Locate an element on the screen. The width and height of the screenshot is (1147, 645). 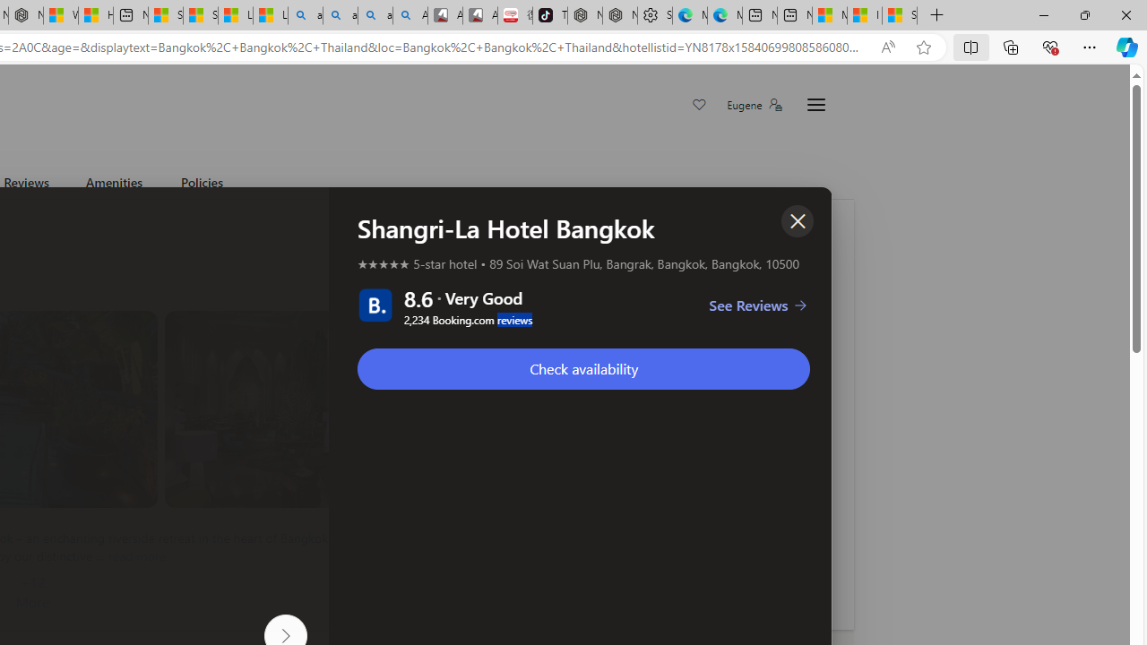
'Amazon Echo Robot - Search Images' is located at coordinates (410, 15).